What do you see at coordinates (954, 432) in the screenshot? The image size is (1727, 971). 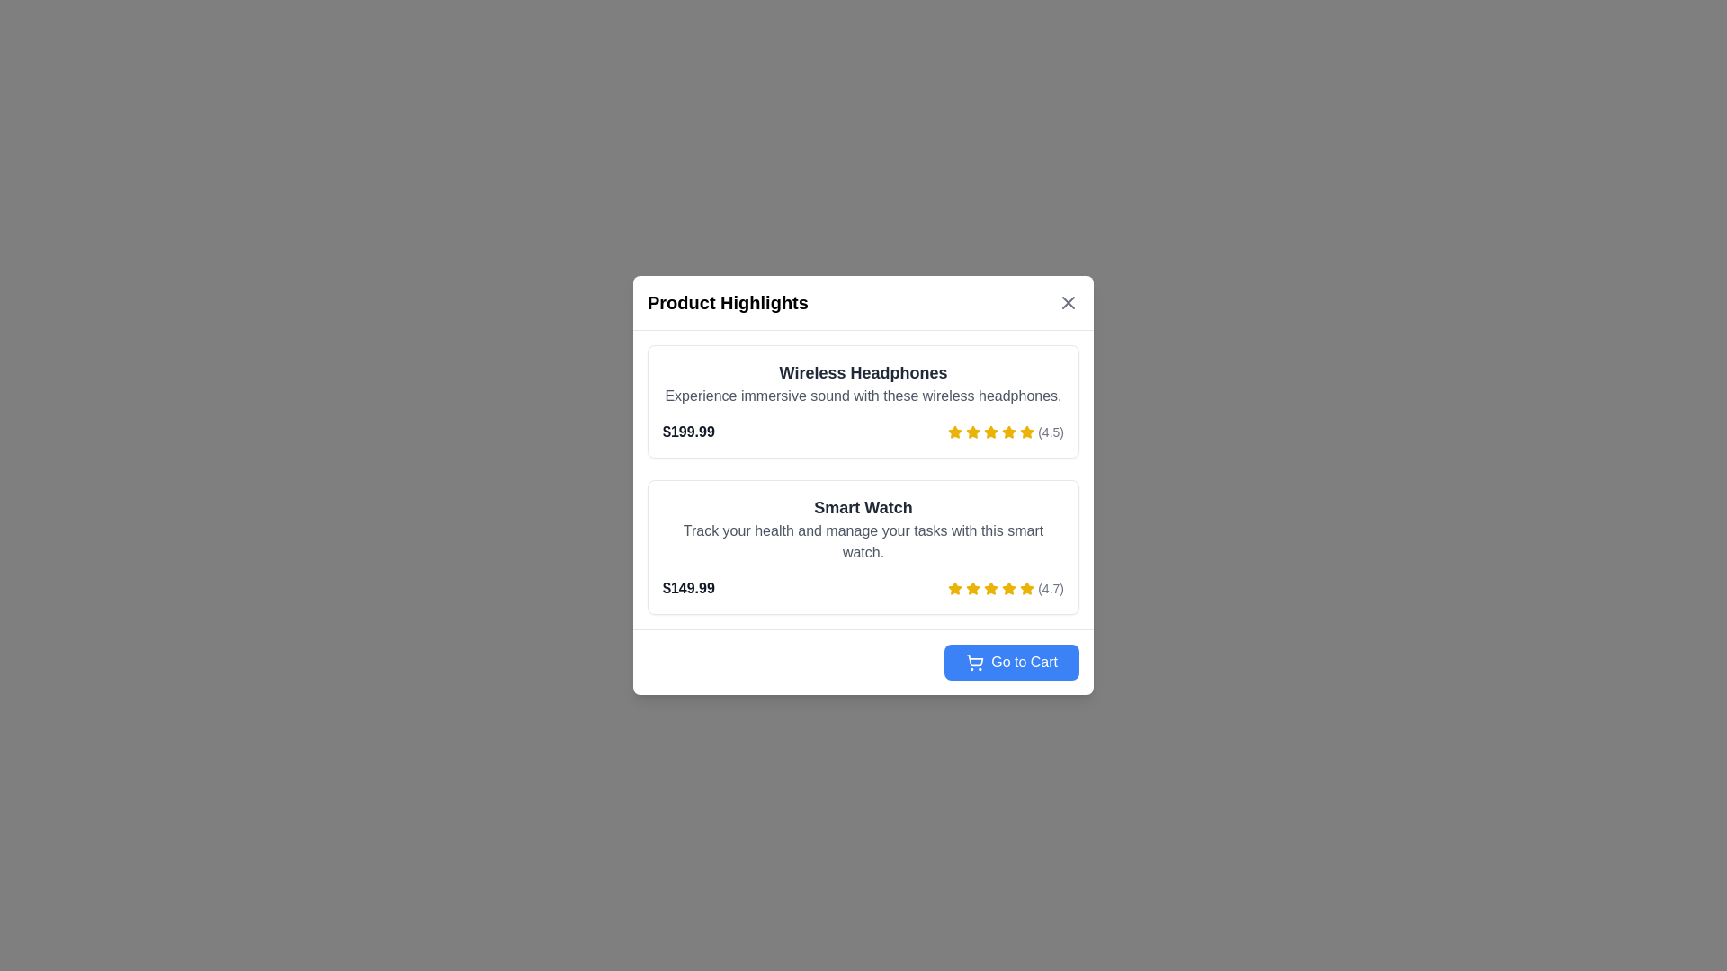 I see `the yellow star icon representing the rating for the Wireless Headphones product, located in the Product Highlights section` at bounding box center [954, 432].